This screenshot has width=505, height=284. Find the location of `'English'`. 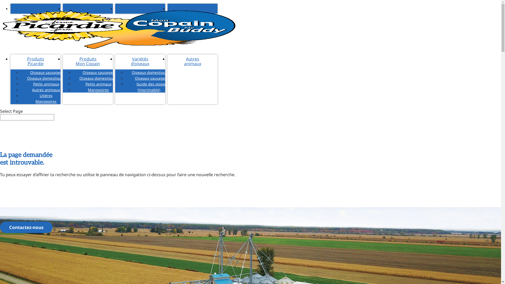

'English' is located at coordinates (192, 9).